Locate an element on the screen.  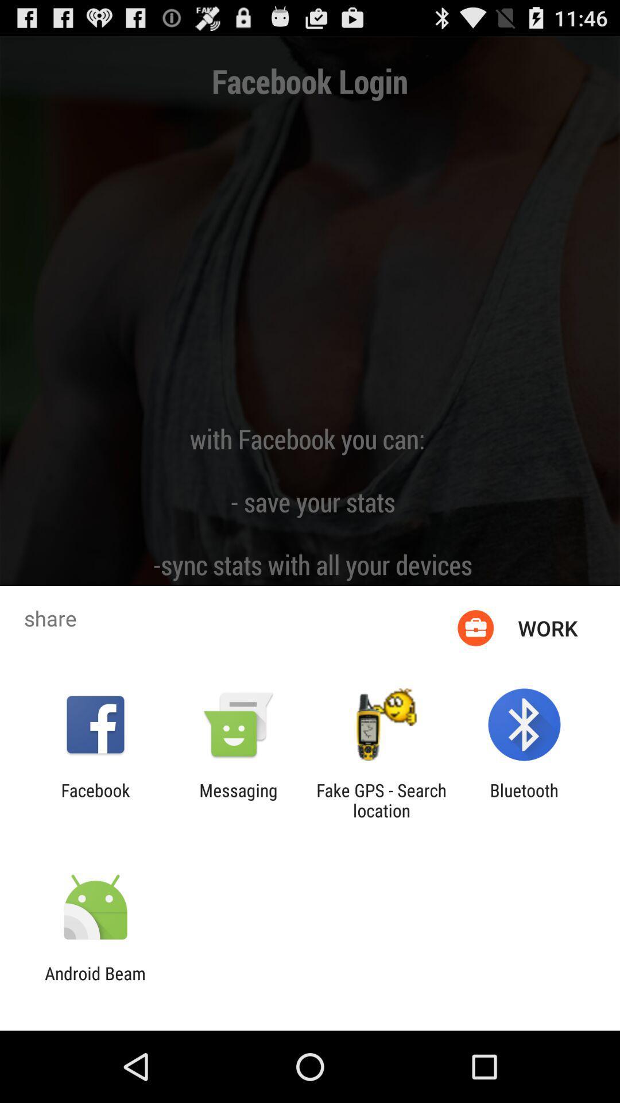
the fake gps search is located at coordinates (381, 800).